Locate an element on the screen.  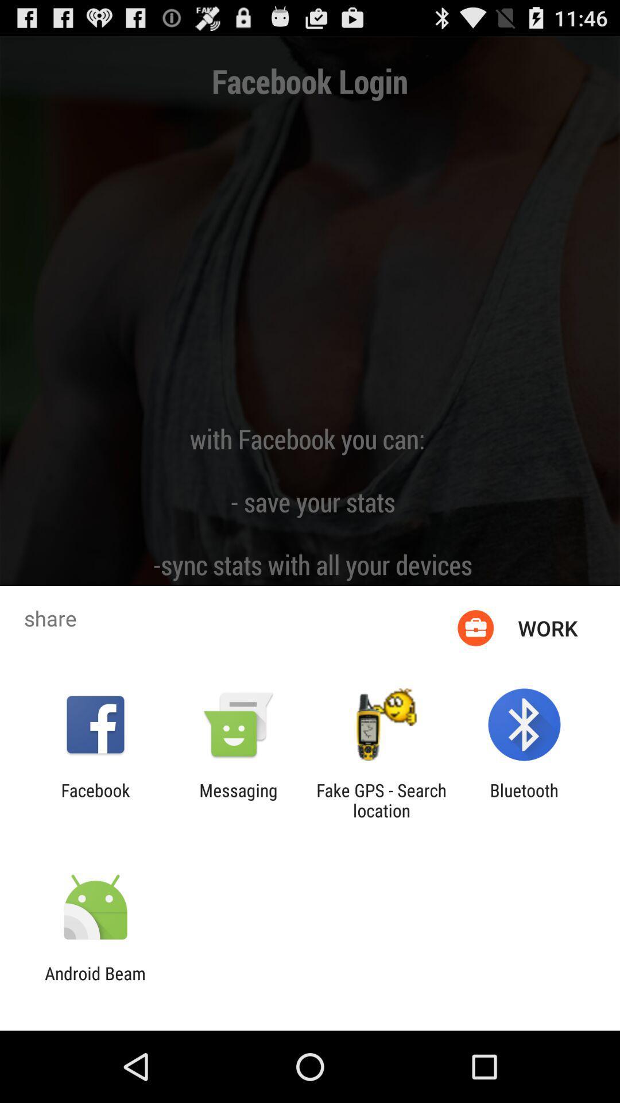
the fake gps search is located at coordinates (381, 800).